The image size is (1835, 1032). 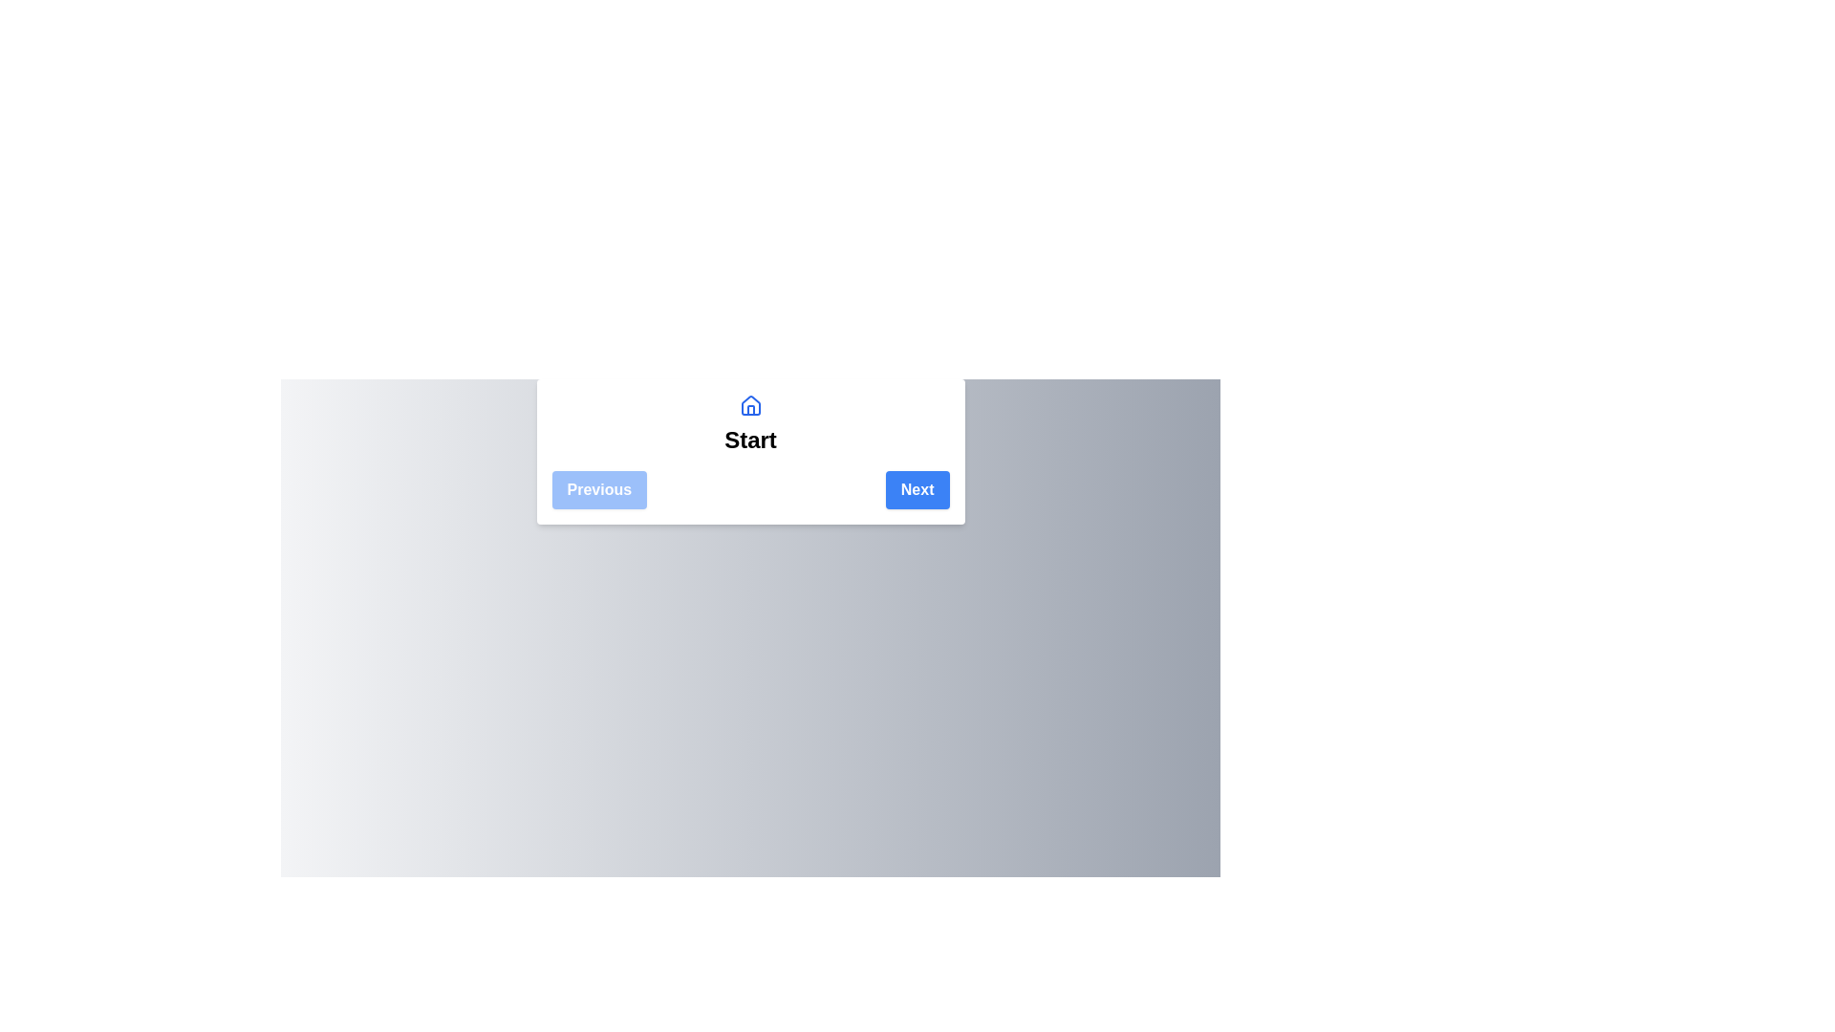 I want to click on the navigation button located on the left side of the horizontal arrangement of buttons in the footer section, which is positioned to the left of the 'Next' button, so click(x=598, y=489).